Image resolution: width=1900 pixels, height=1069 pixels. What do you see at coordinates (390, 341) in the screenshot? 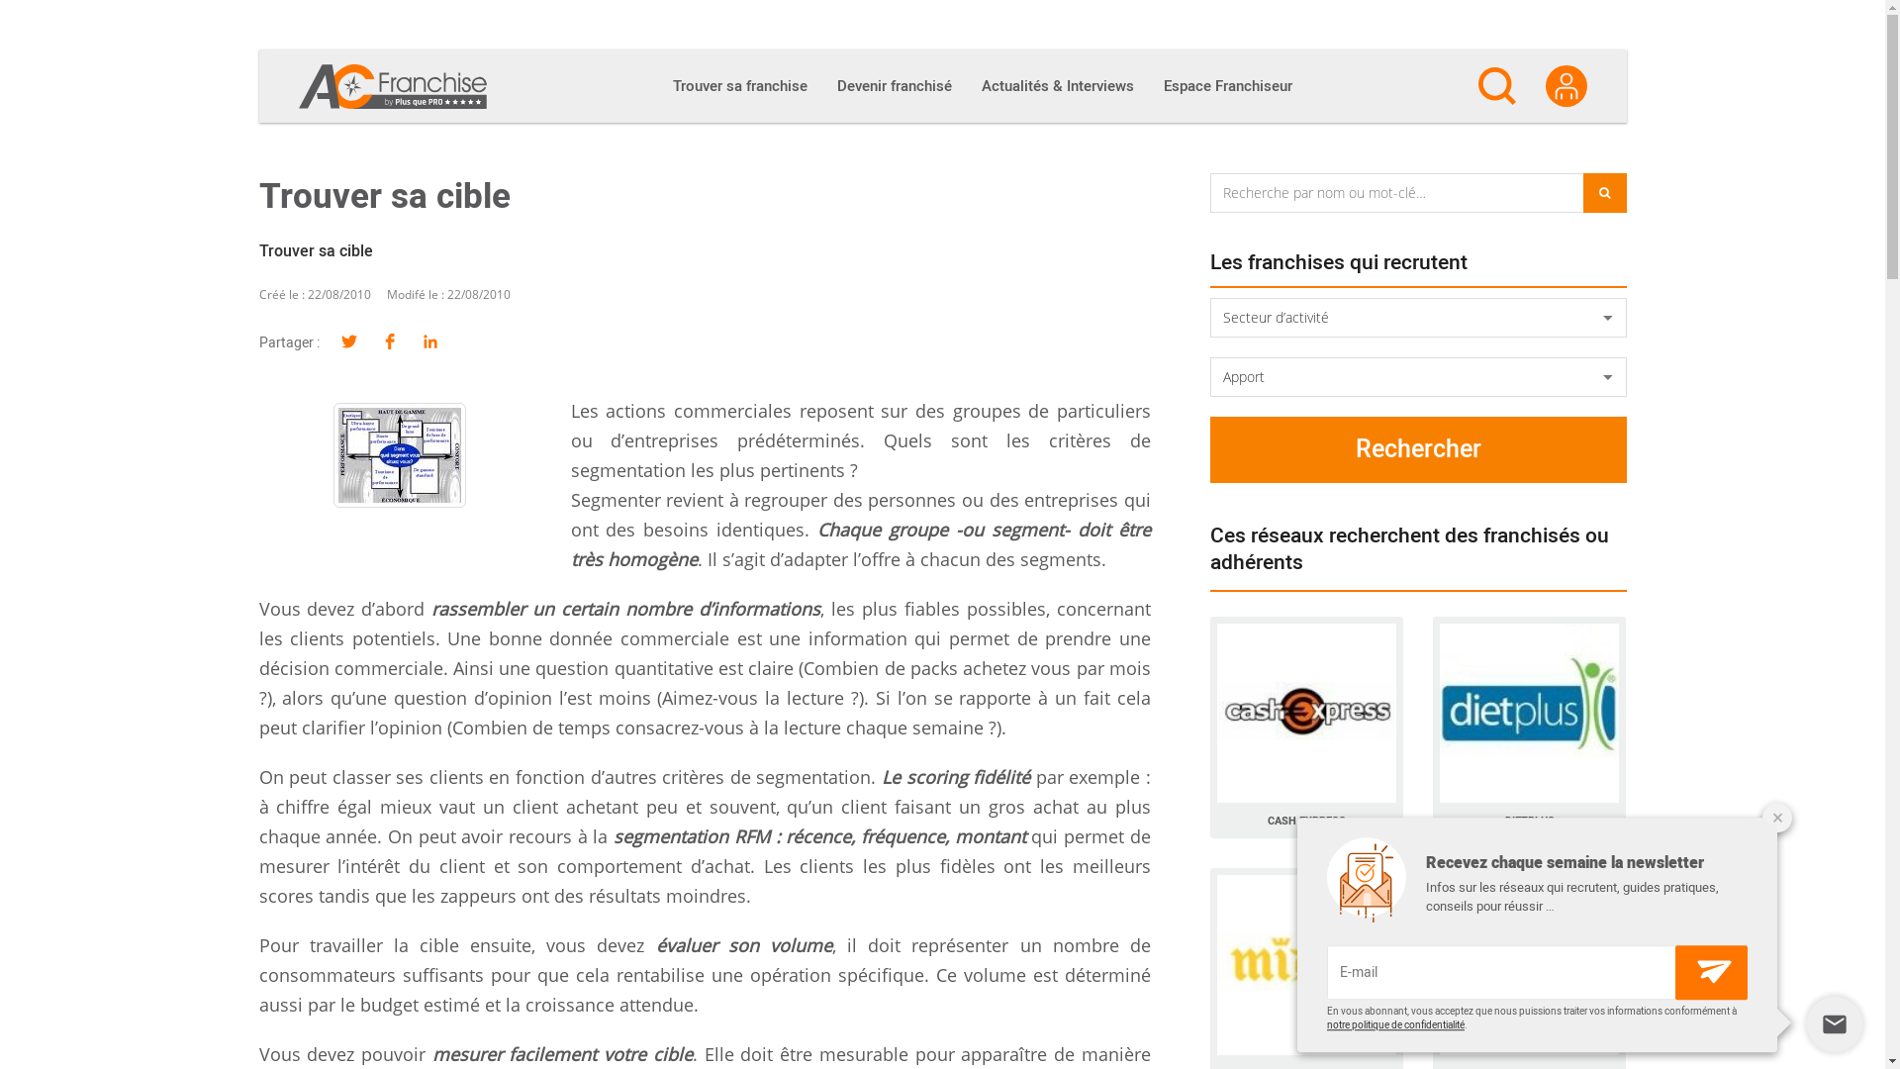
I see `'Share on Facebook'` at bounding box center [390, 341].